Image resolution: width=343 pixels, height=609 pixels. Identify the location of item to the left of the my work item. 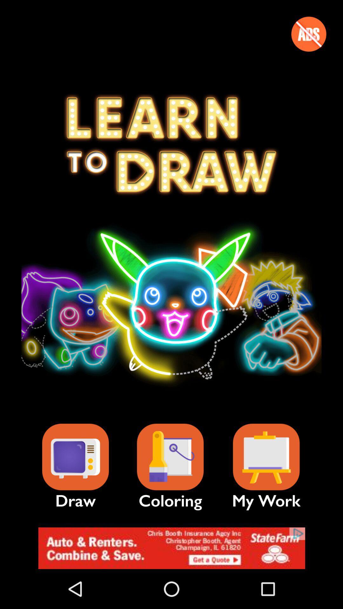
(170, 457).